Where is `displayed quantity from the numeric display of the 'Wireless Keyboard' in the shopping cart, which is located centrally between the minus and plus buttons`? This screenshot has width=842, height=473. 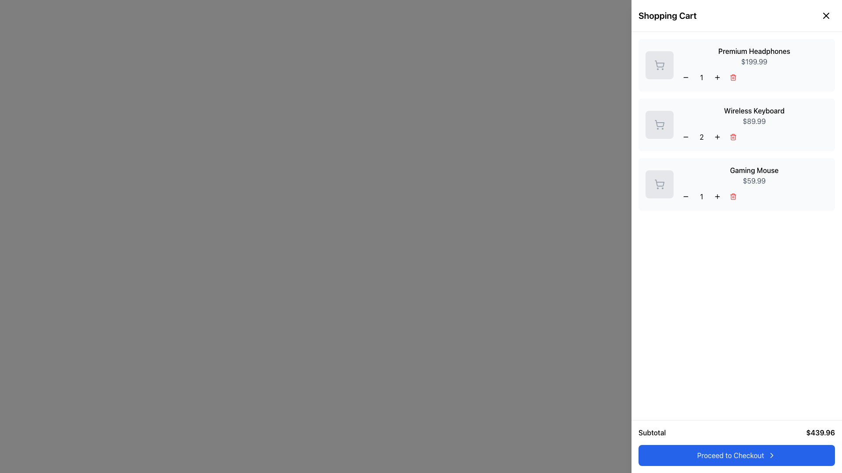
displayed quantity from the numeric display of the 'Wireless Keyboard' in the shopping cart, which is located centrally between the minus and plus buttons is located at coordinates (701, 137).